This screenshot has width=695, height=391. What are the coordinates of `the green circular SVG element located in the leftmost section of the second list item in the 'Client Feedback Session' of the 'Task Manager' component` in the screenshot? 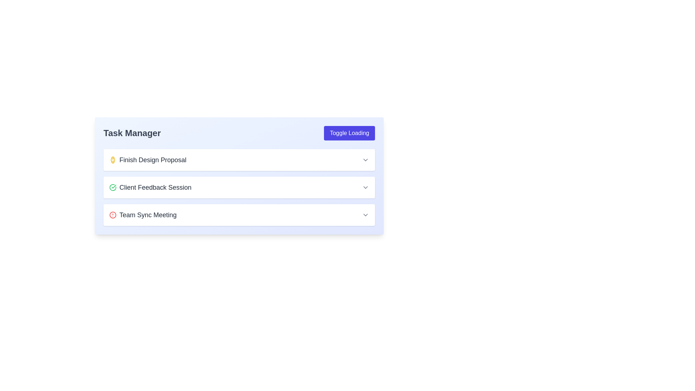 It's located at (113, 187).